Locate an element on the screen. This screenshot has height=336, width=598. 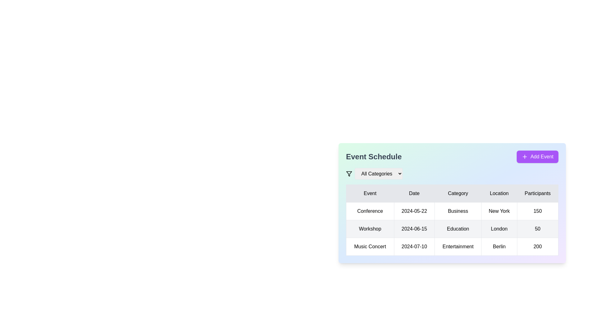
the label displaying 'Event', which is the first item in a horizontal row of labels under the 'Event Schedule' section is located at coordinates (370, 193).